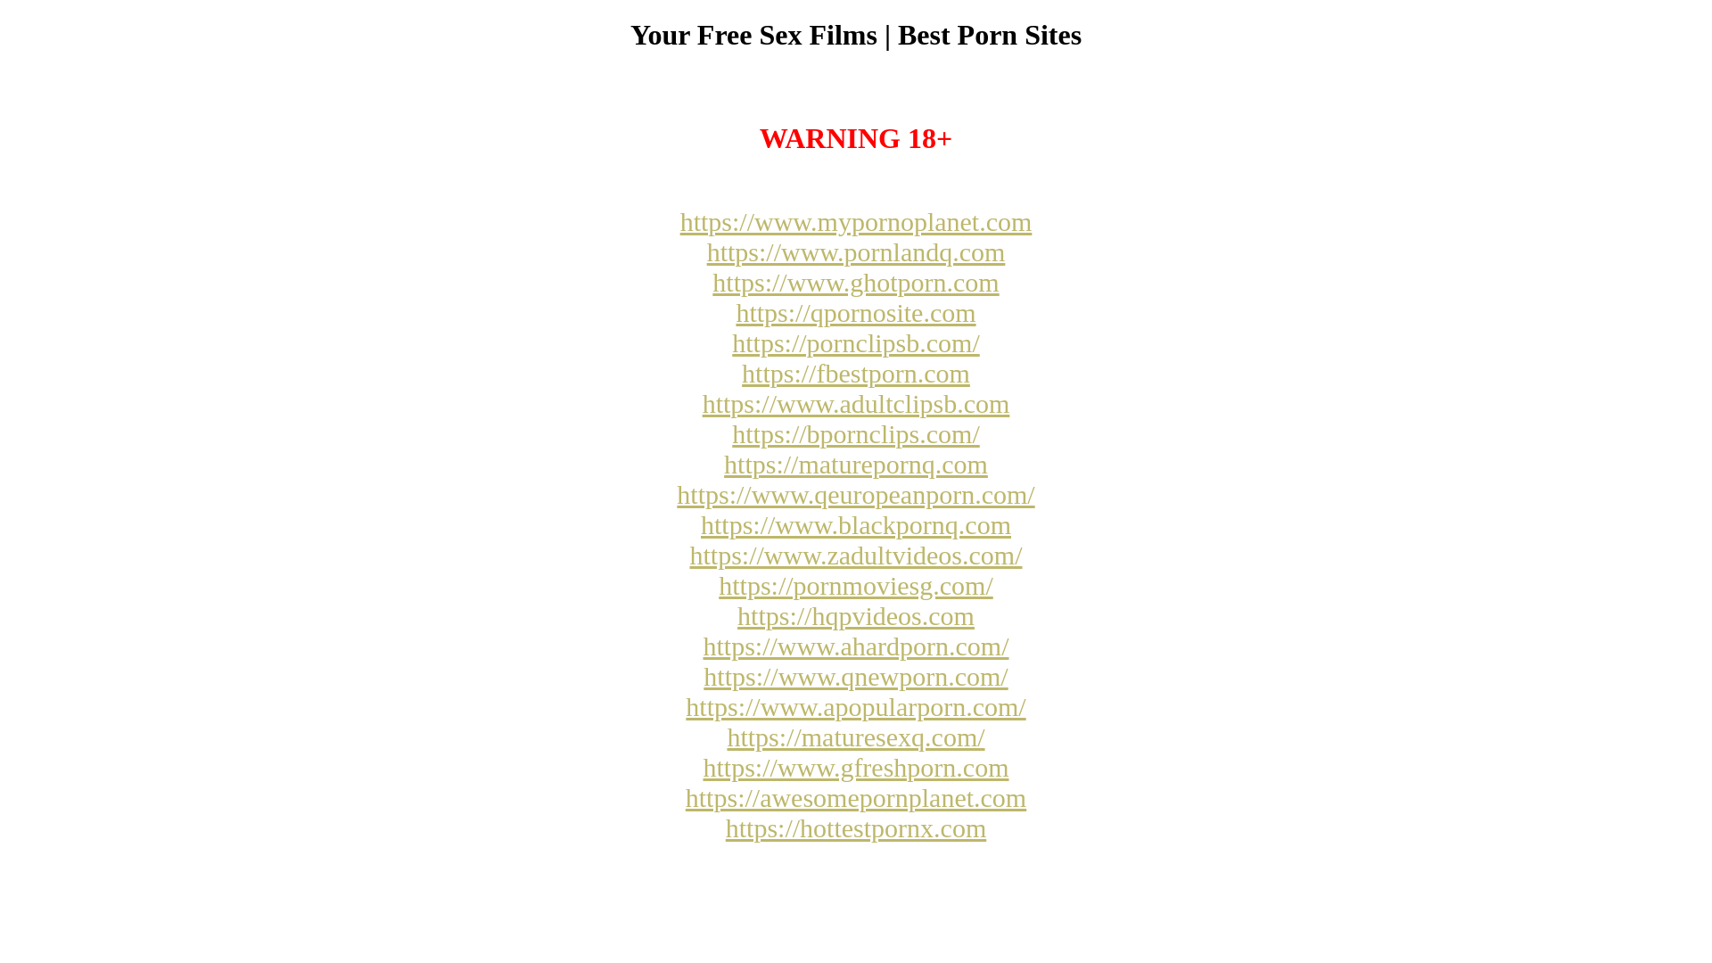 The image size is (1712, 963). Describe the element at coordinates (854, 311) in the screenshot. I see `'https://qpornosite.com'` at that location.